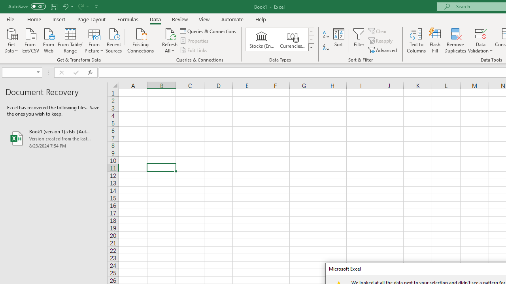  What do you see at coordinates (48, 40) in the screenshot?
I see `'From Web'` at bounding box center [48, 40].